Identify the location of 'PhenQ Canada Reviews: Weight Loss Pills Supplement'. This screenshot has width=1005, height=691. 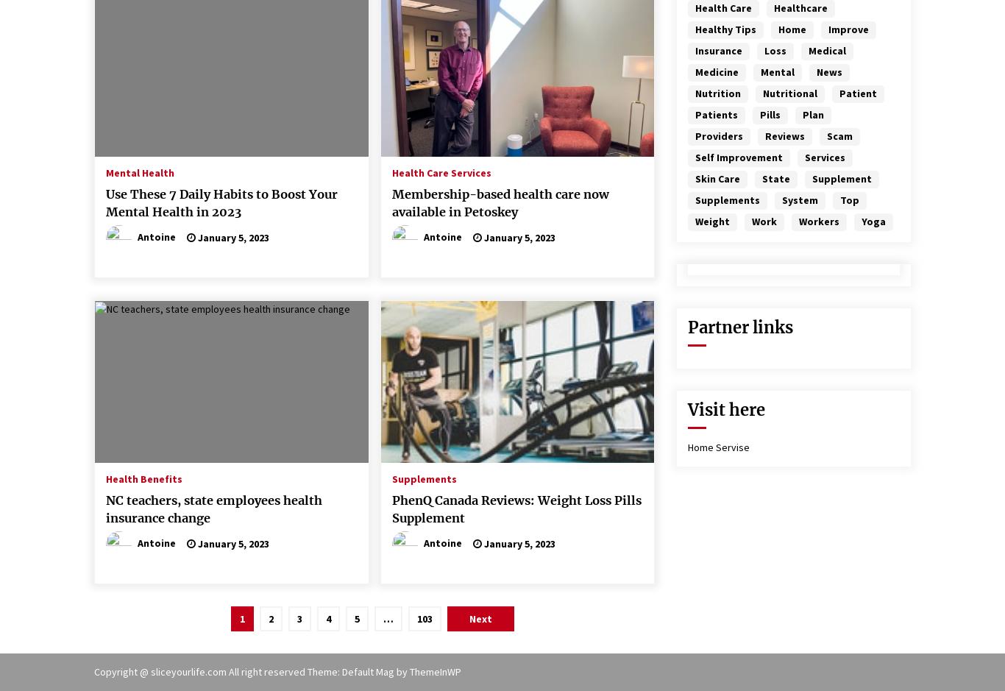
(516, 508).